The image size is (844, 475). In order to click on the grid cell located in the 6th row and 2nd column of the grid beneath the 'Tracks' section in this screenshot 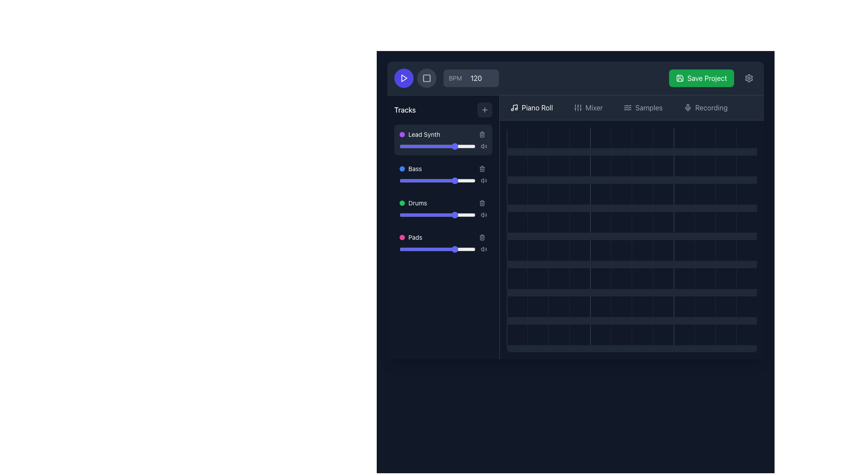, I will do `click(537, 306)`.